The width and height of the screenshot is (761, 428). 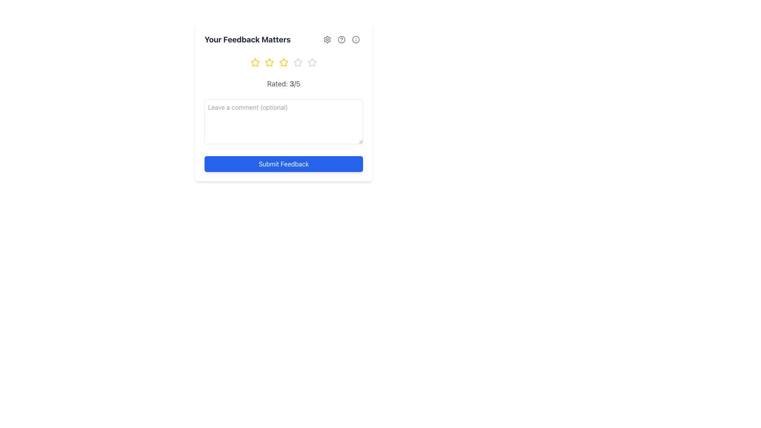 What do you see at coordinates (291, 84) in the screenshot?
I see `the static text element displaying the numerical rating '3' in the text 'Rated: 3/5', which is positioned beneath the star rating` at bounding box center [291, 84].